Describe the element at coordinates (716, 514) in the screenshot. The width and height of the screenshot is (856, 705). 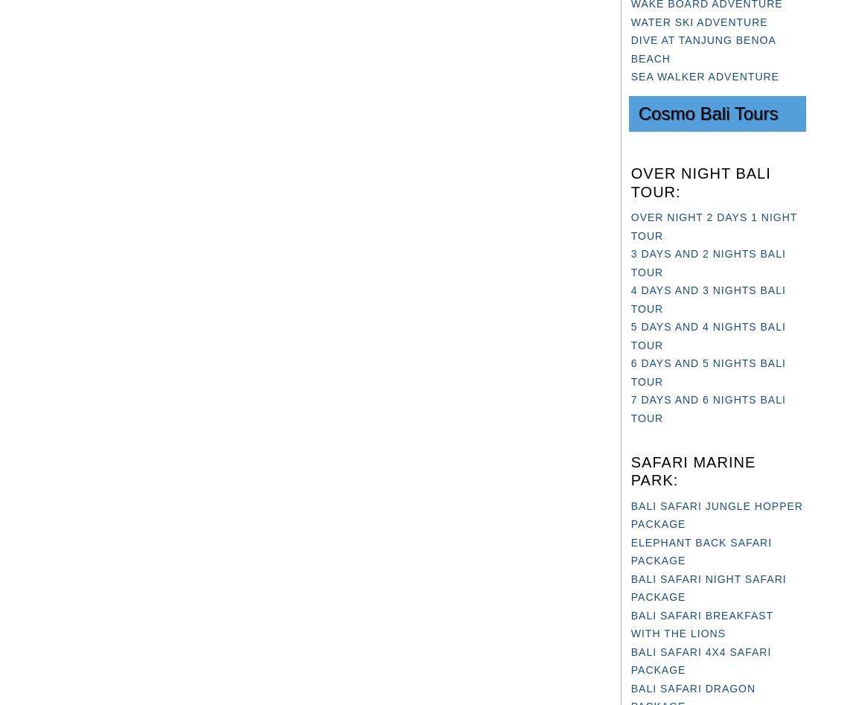
I see `'BALI SAFARI JUNGLE HOPPER PACKAGE'` at that location.